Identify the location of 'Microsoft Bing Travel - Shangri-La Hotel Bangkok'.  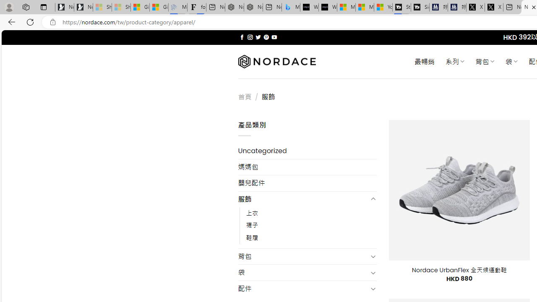
(291, 7).